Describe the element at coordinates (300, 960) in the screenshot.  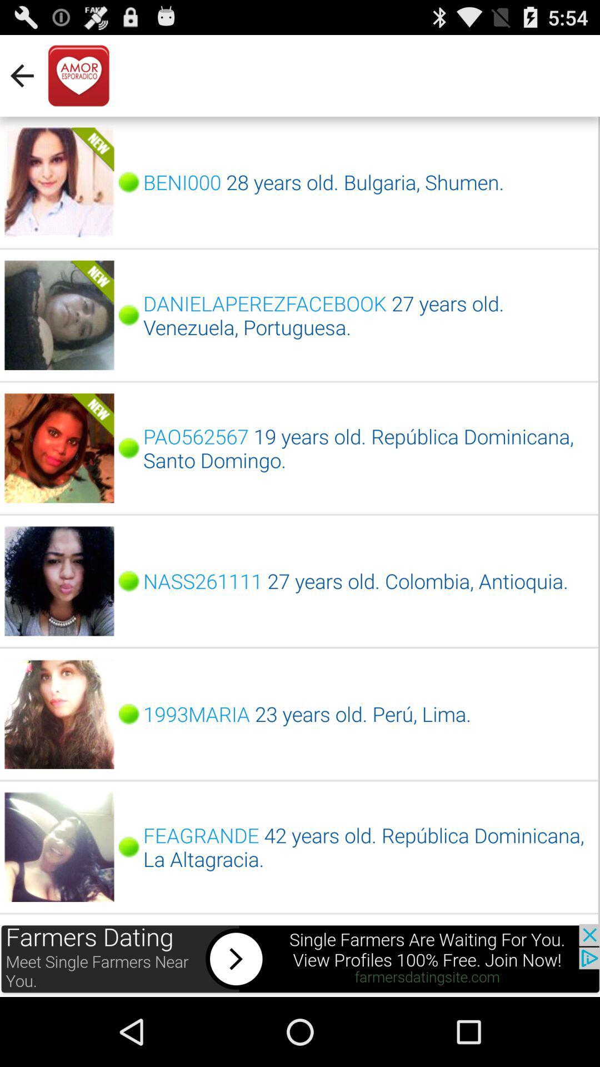
I see `farmers dating advertisement` at that location.